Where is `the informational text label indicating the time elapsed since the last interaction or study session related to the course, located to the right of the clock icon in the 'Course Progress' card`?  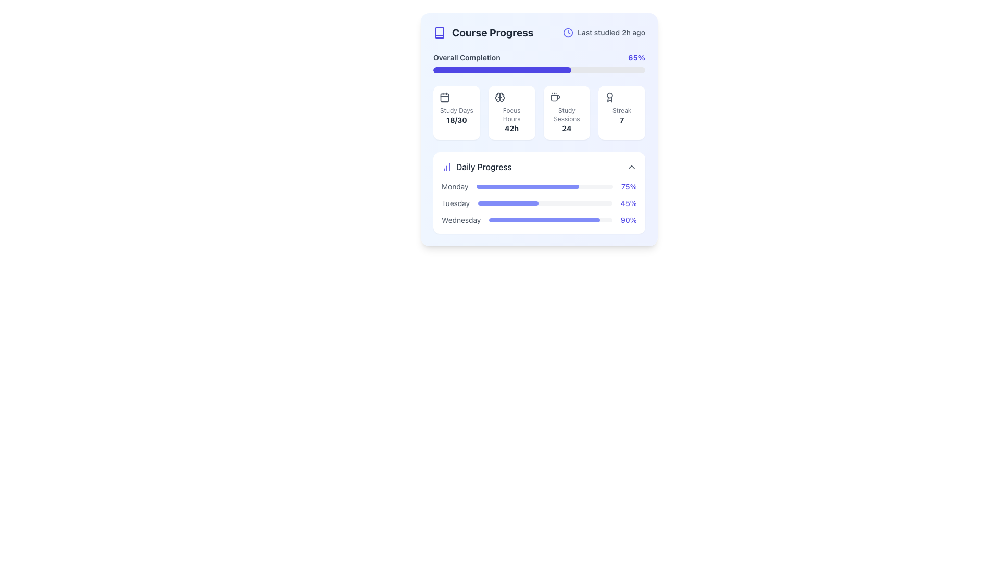 the informational text label indicating the time elapsed since the last interaction or study session related to the course, located to the right of the clock icon in the 'Course Progress' card is located at coordinates (611, 32).